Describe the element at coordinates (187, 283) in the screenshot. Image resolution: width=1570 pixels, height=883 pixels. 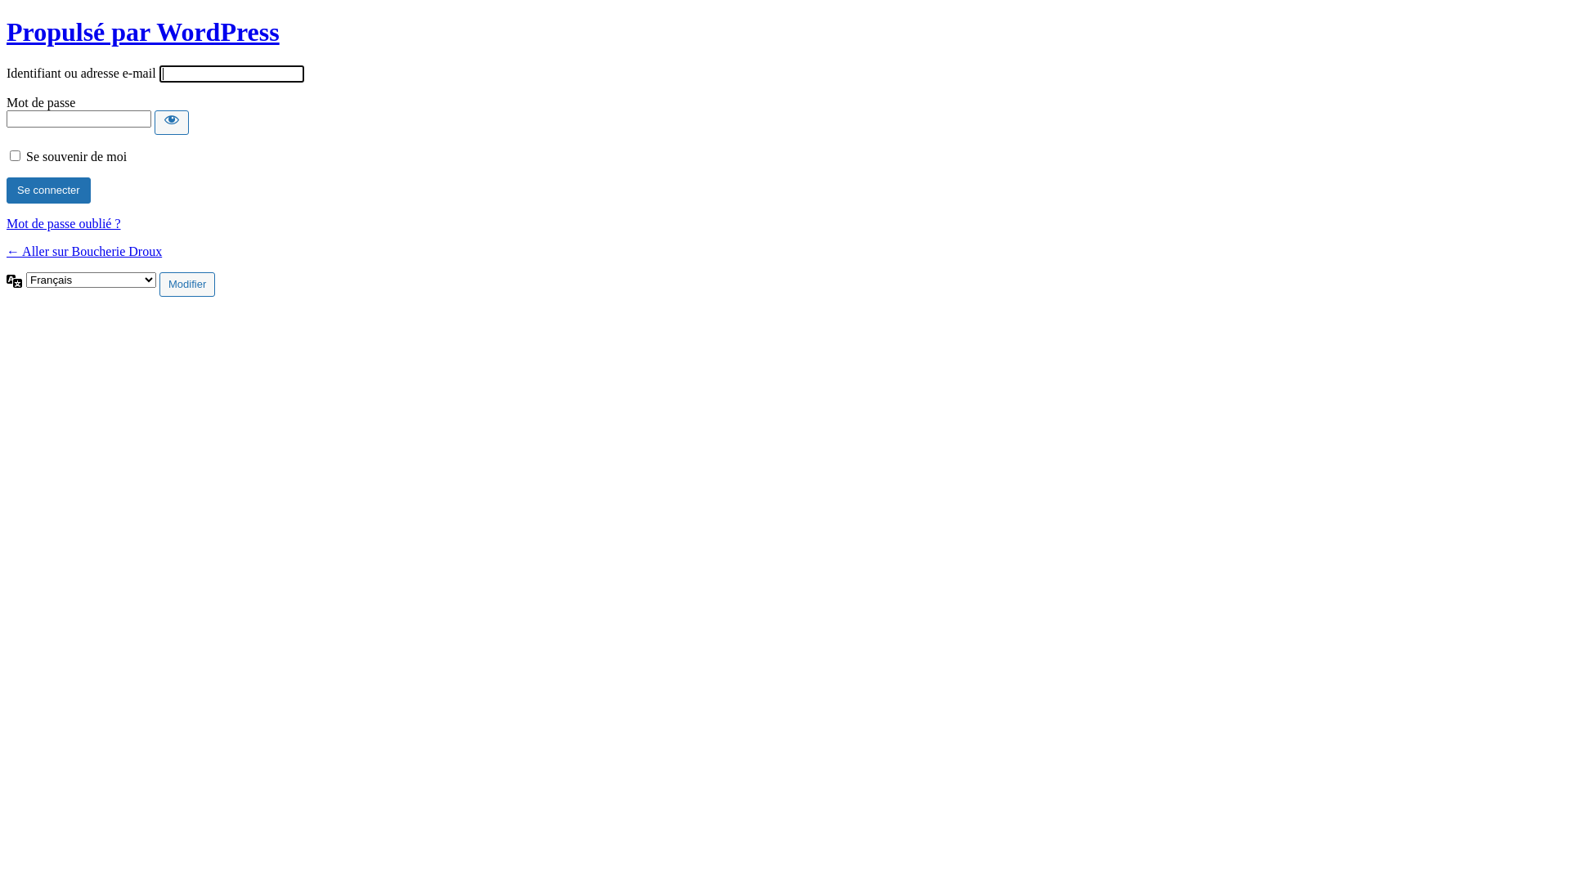
I see `'Modifier'` at that location.